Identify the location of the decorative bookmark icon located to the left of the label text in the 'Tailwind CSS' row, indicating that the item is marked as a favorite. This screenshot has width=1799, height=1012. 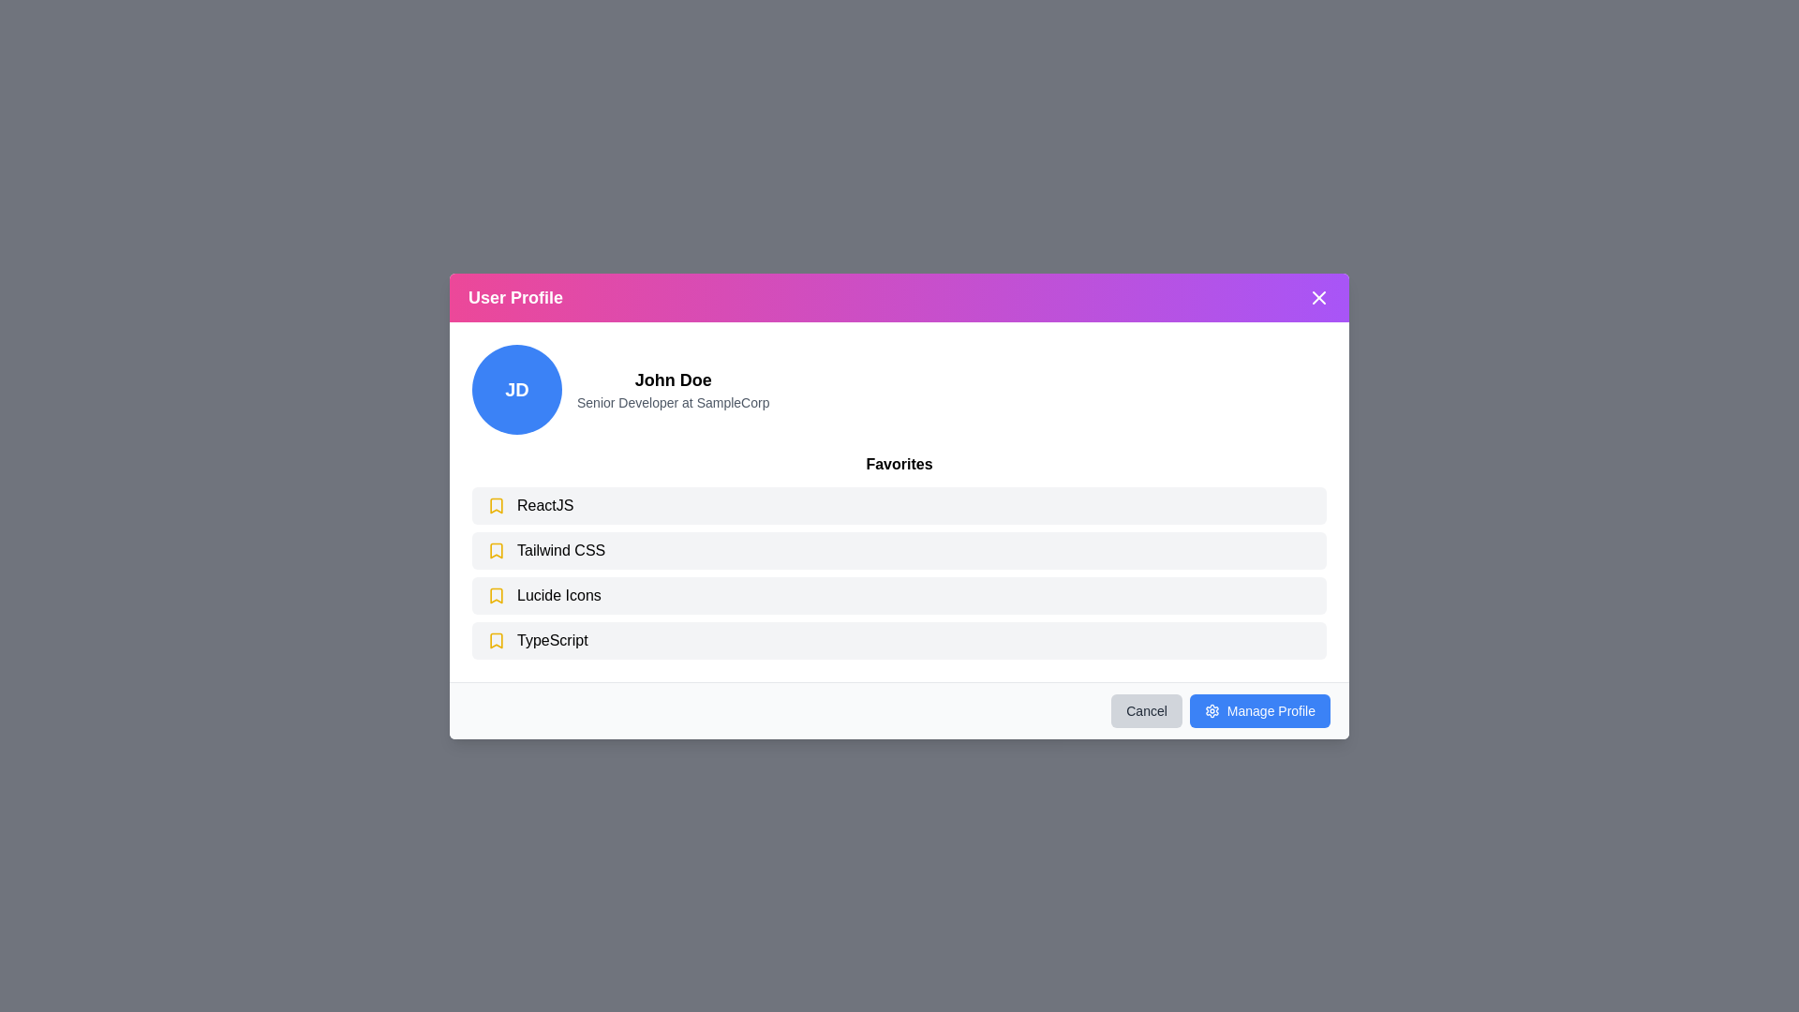
(496, 549).